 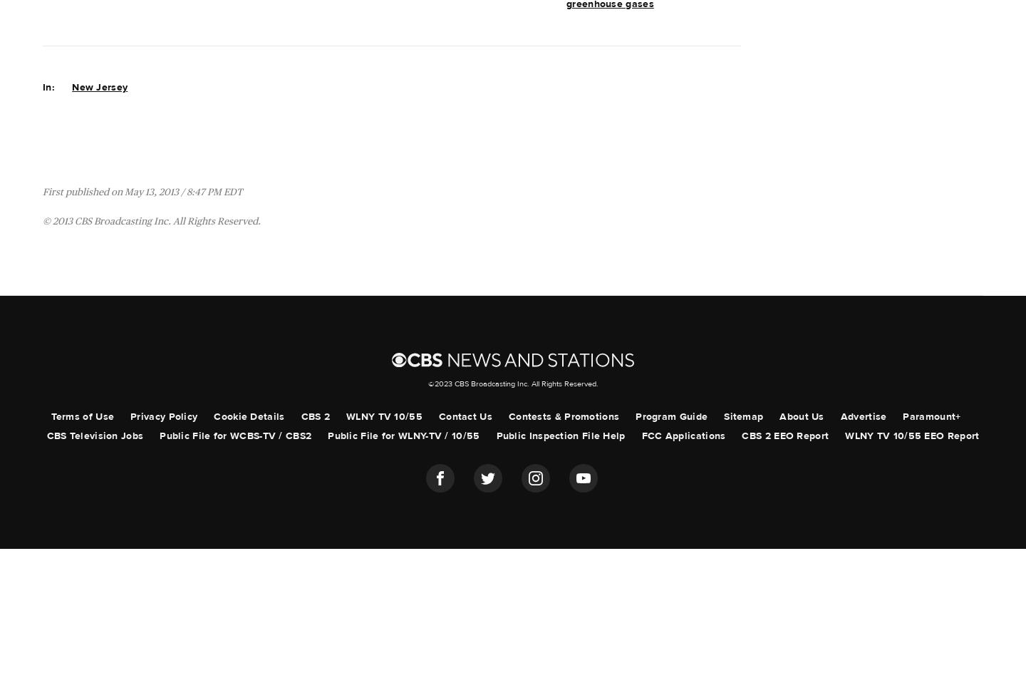 I want to click on 'Public File for WCBS-TV / CBS2', so click(x=235, y=435).